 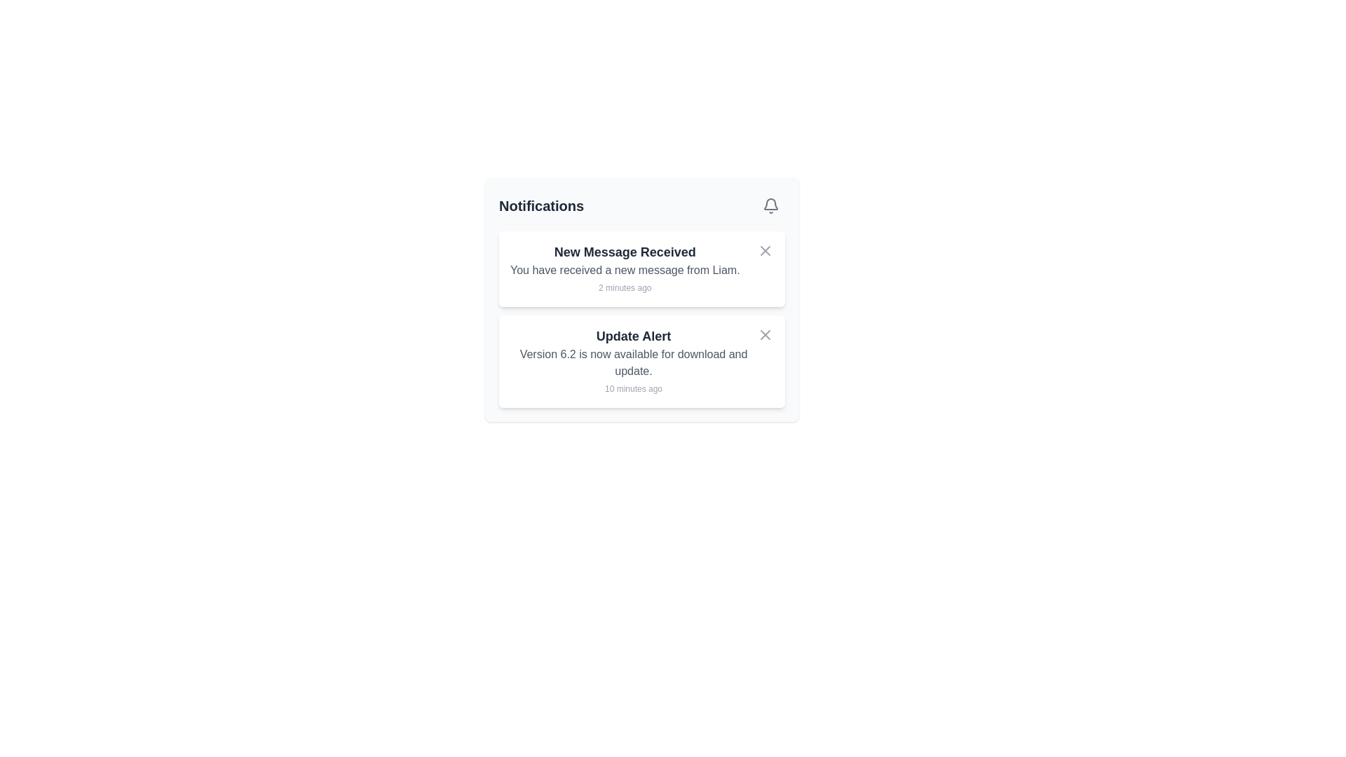 What do you see at coordinates (632, 336) in the screenshot?
I see `text of the bold heading labeled 'Update Alert', which is prominently displayed in dark gray within the notification card` at bounding box center [632, 336].